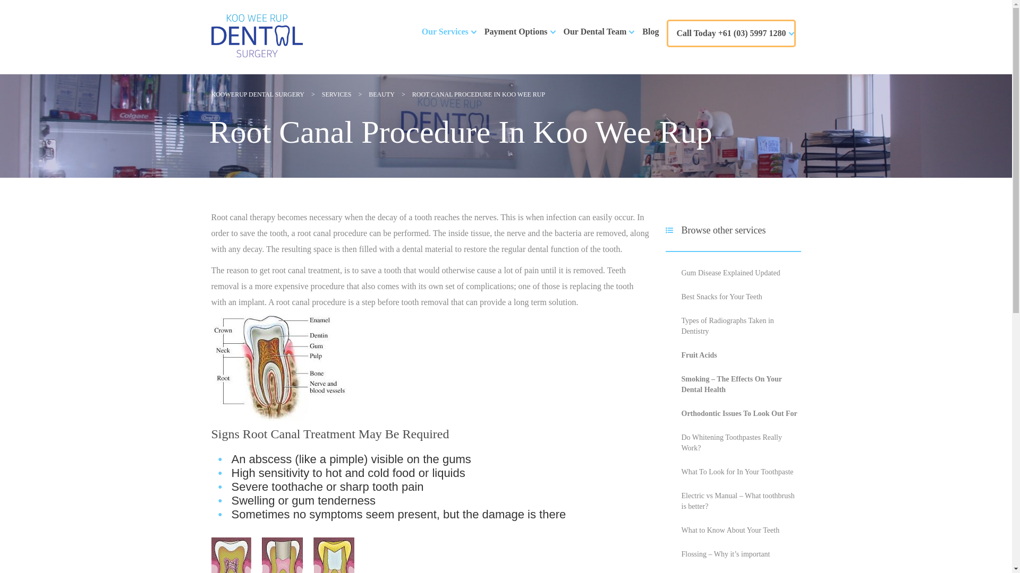  I want to click on 'BEAUTY', so click(381, 93).